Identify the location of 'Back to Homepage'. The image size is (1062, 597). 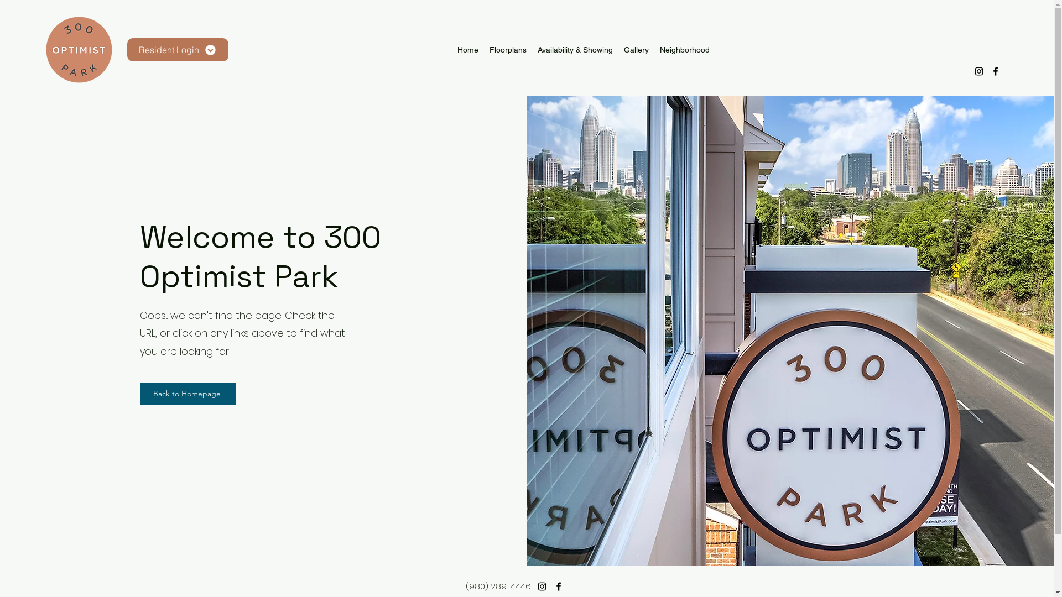
(188, 393).